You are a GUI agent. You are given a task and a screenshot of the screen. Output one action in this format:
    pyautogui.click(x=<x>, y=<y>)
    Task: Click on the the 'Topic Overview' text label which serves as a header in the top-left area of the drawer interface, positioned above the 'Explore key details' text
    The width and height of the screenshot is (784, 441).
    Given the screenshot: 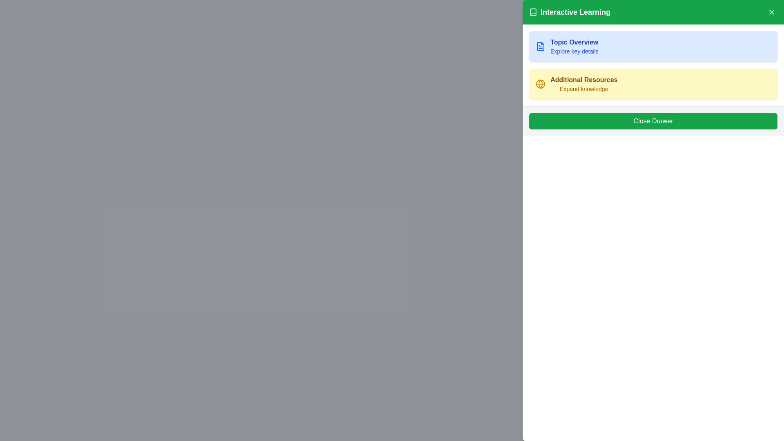 What is the action you would take?
    pyautogui.click(x=574, y=42)
    